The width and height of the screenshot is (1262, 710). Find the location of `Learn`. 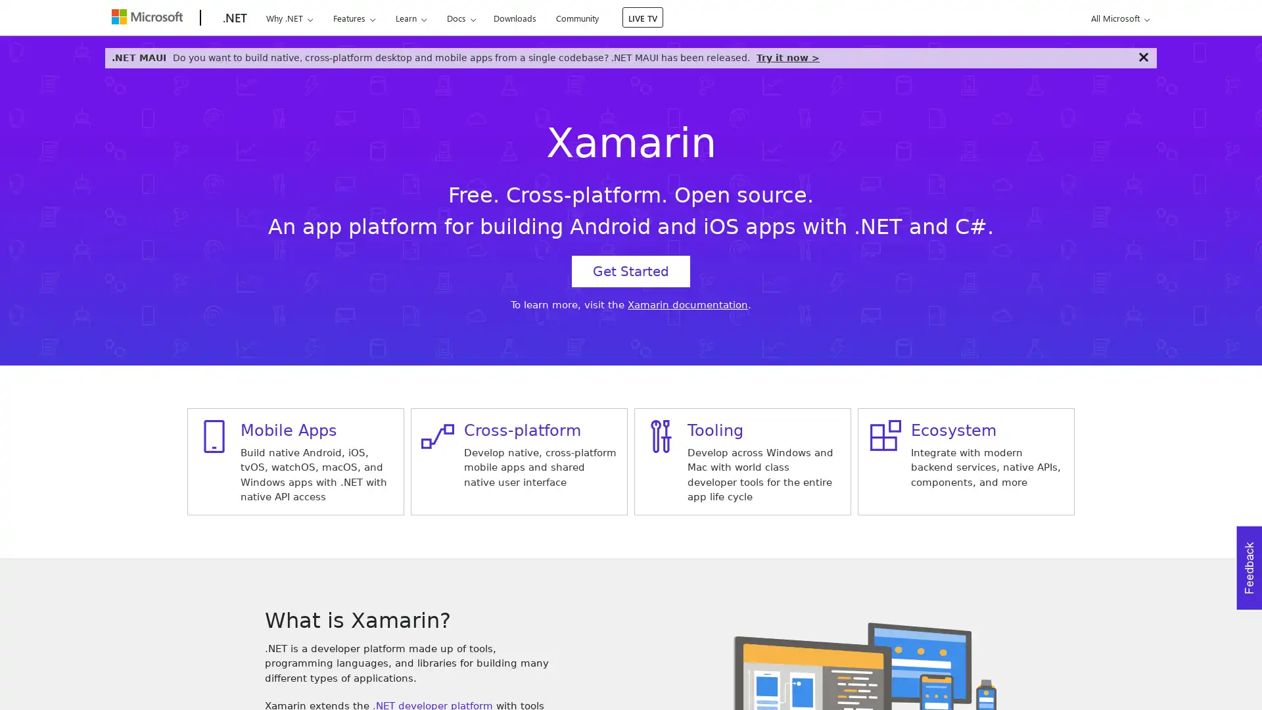

Learn is located at coordinates (409, 18).